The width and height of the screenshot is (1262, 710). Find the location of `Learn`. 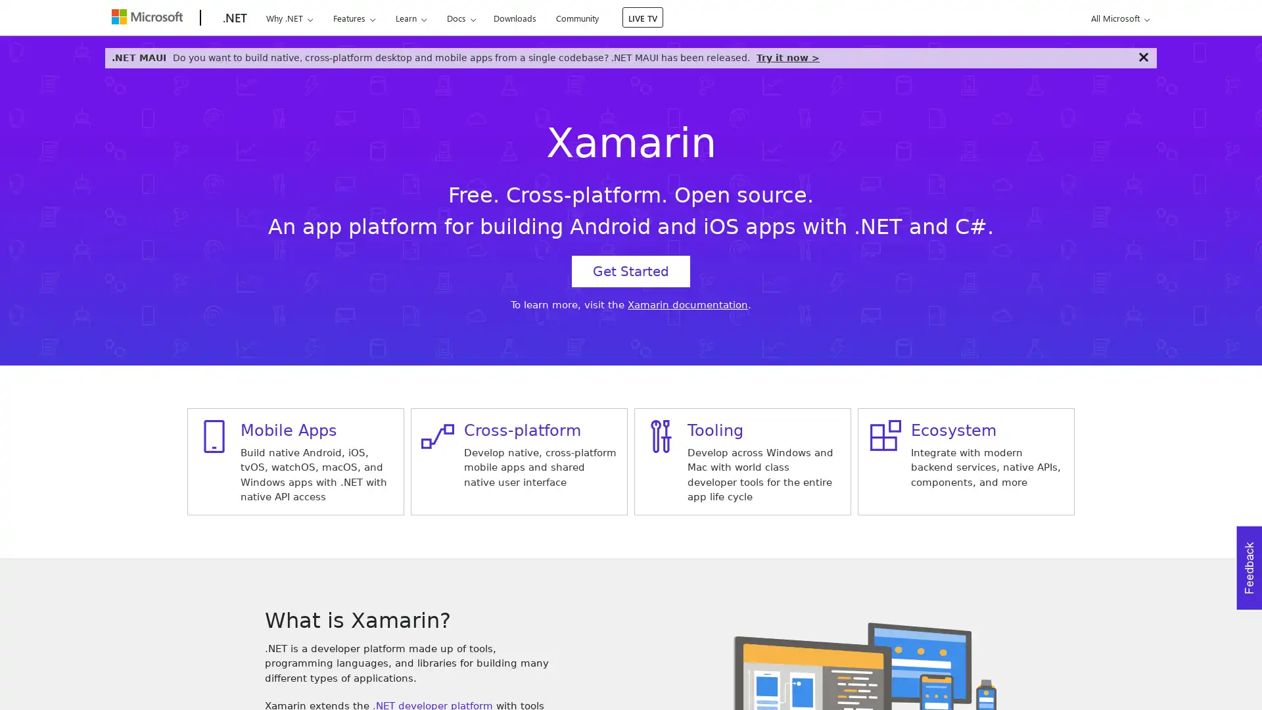

Learn is located at coordinates (409, 18).